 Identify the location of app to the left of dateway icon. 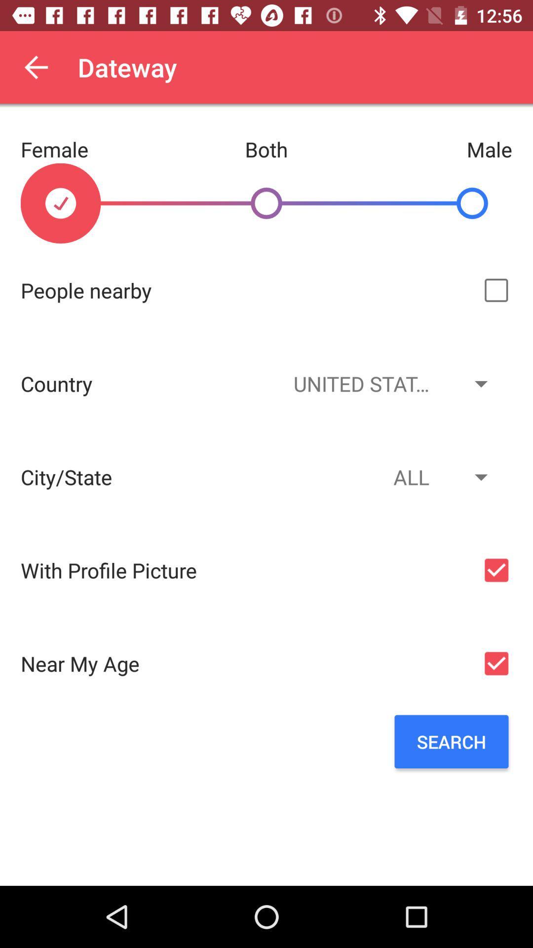
(36, 67).